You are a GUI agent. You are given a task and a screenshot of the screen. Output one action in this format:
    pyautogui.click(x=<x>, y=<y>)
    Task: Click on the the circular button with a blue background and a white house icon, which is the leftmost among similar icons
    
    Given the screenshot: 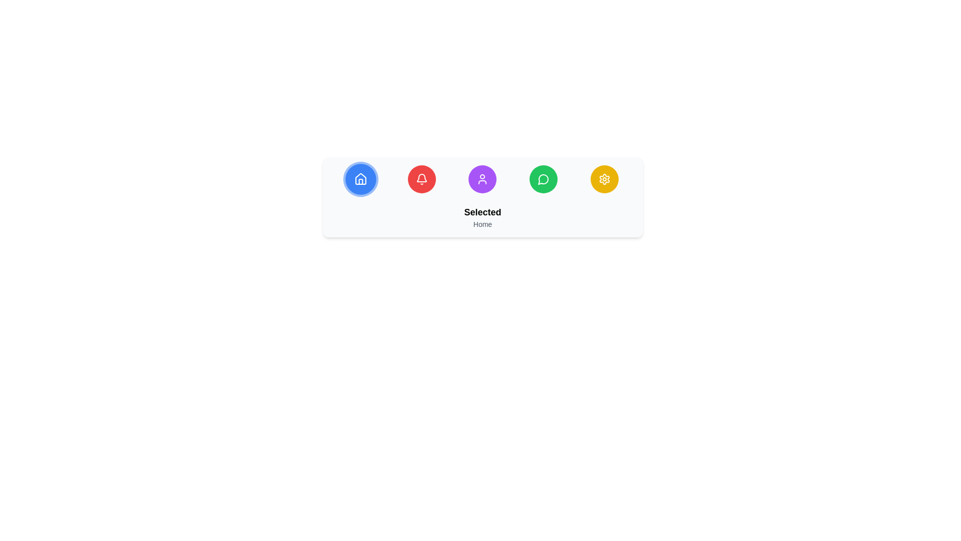 What is the action you would take?
    pyautogui.click(x=360, y=179)
    